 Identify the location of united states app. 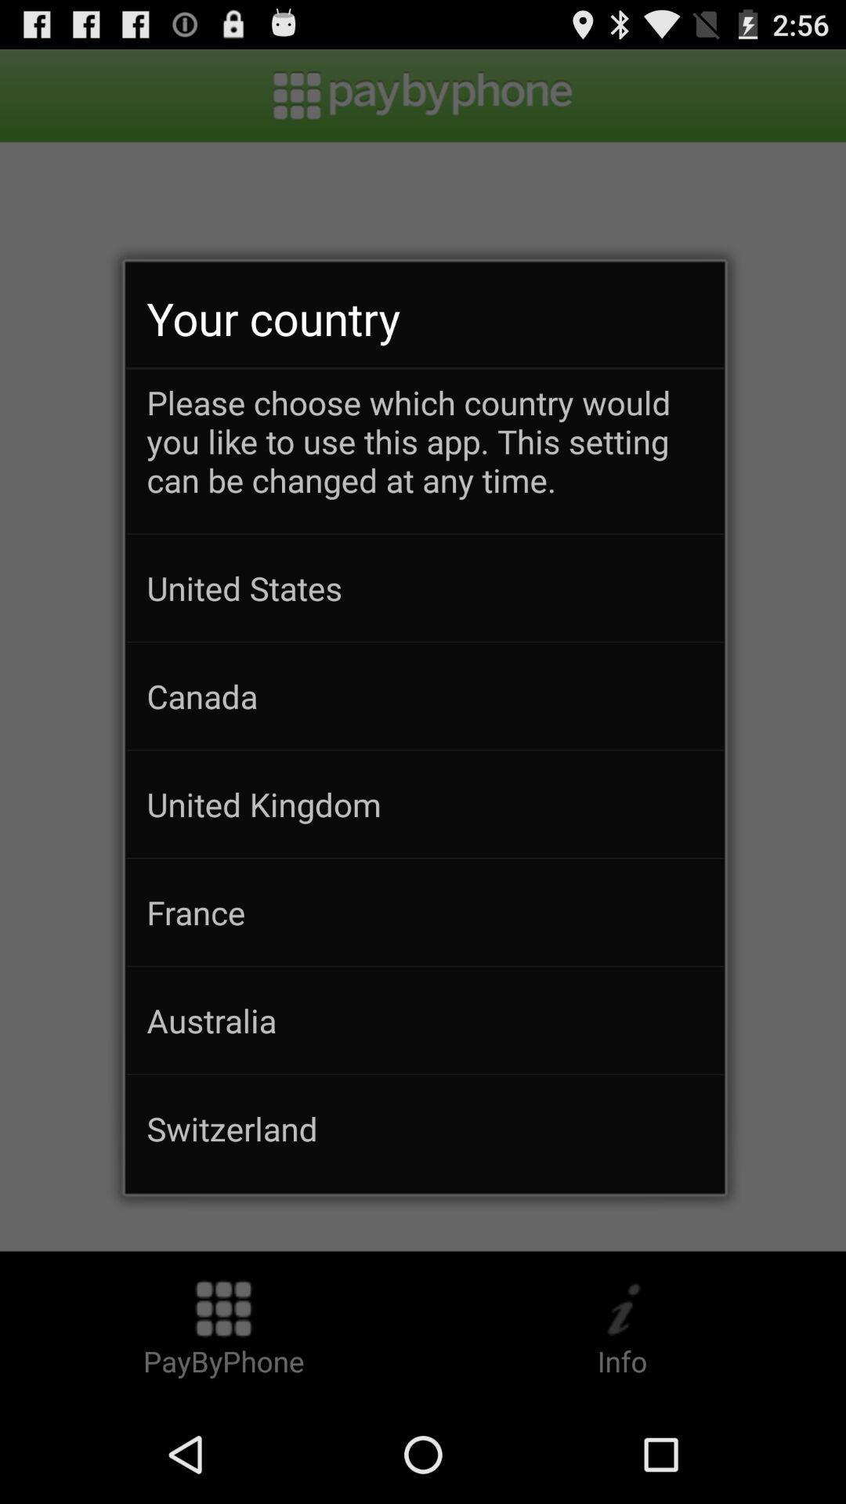
(425, 587).